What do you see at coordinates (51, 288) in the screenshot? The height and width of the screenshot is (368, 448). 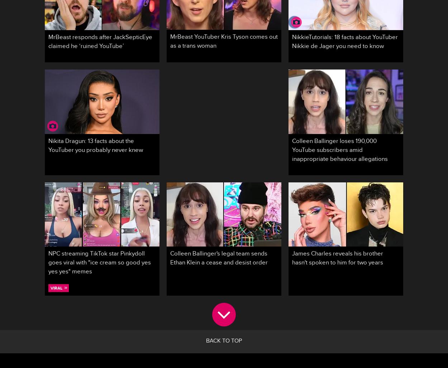 I see `'Viral'` at bounding box center [51, 288].